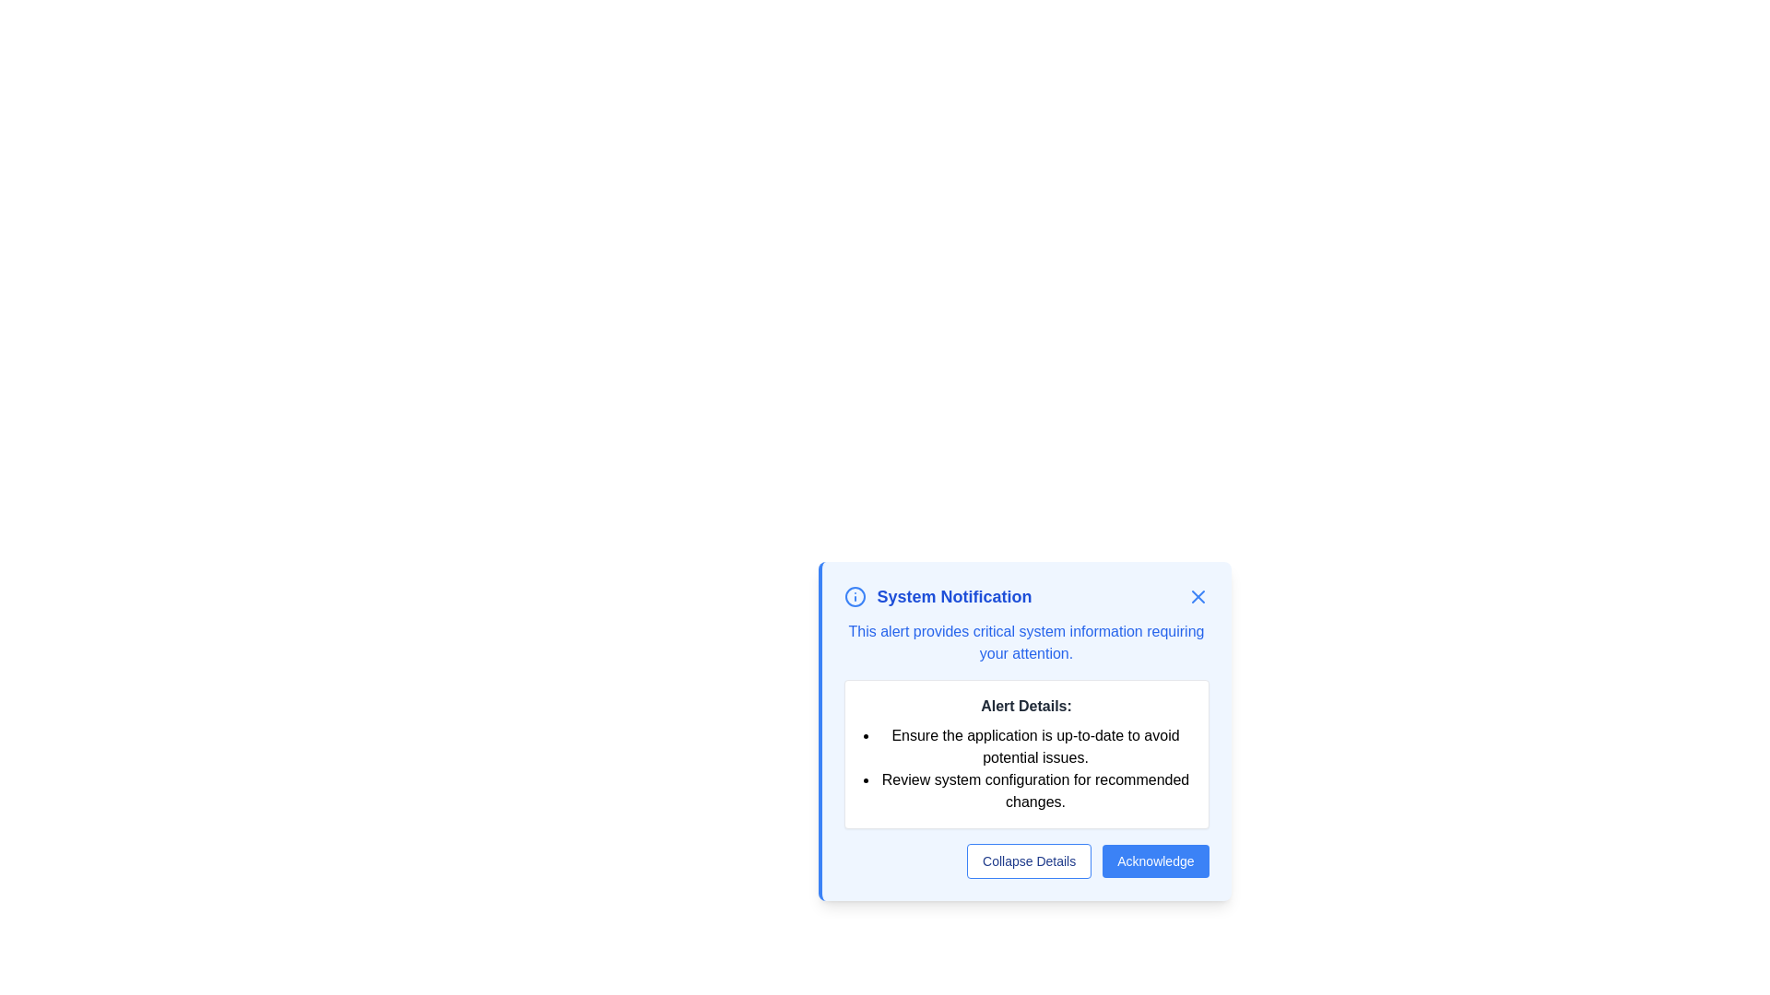 The width and height of the screenshot is (1770, 995). What do you see at coordinates (854, 597) in the screenshot?
I see `the circular blue information icon with an 'i' in the center, located to the left of the 'System Notification' text in the notification prompt` at bounding box center [854, 597].